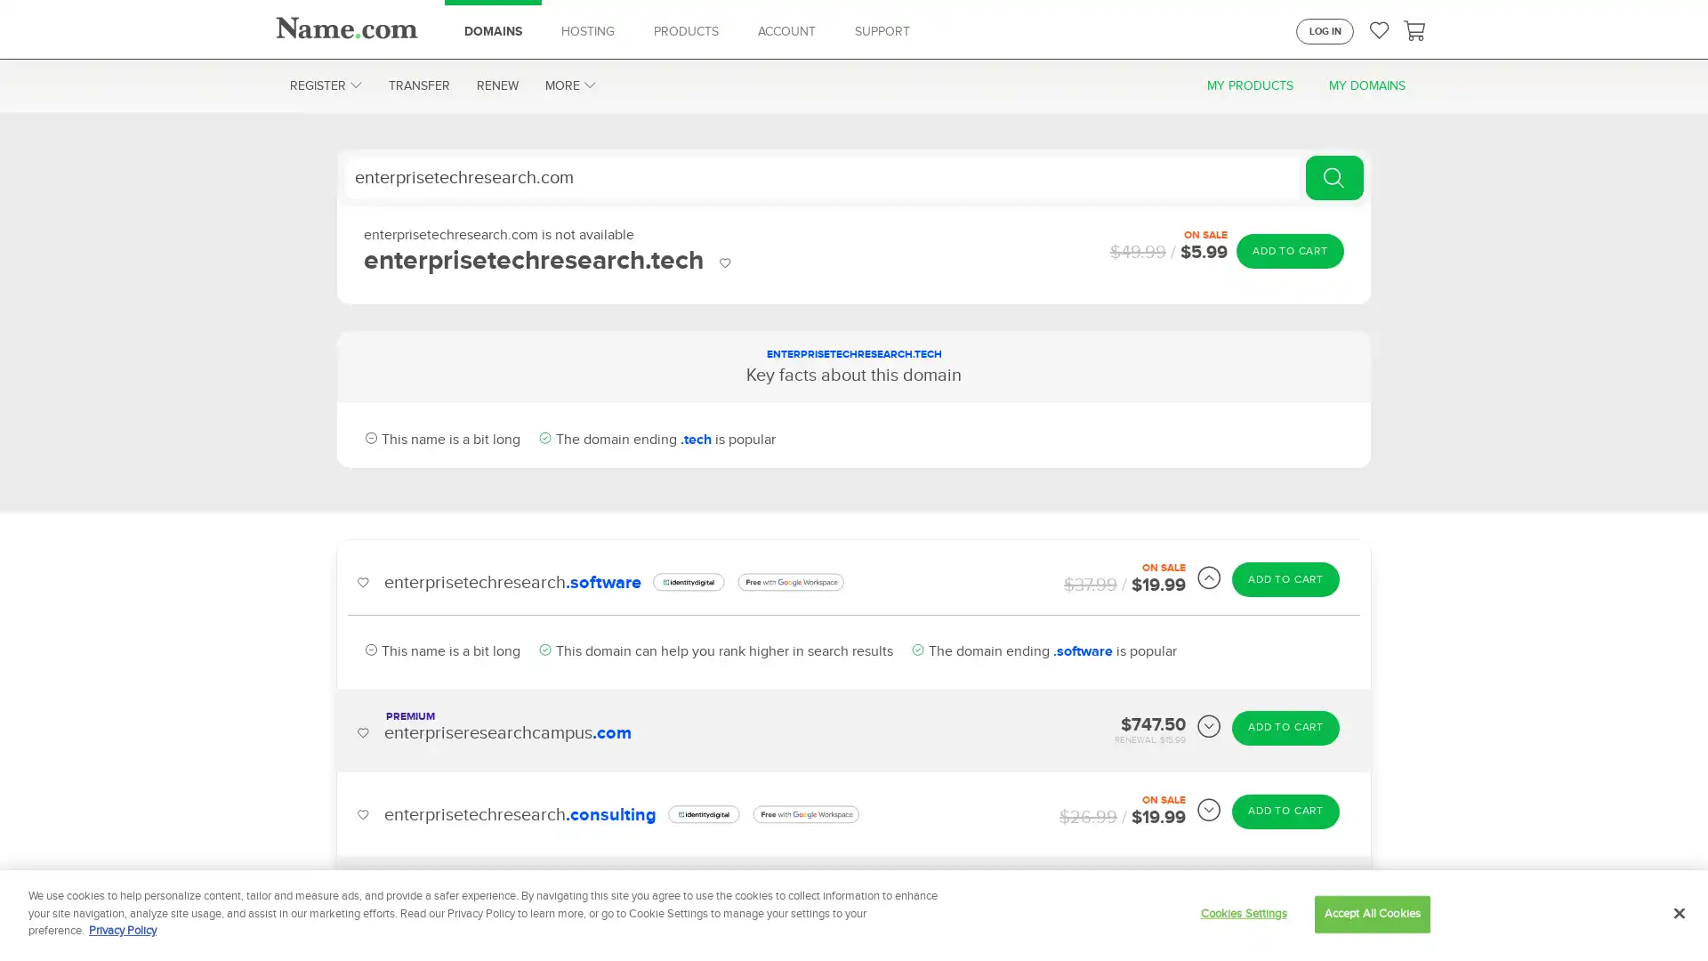 The width and height of the screenshot is (1708, 961). What do you see at coordinates (1285, 662) in the screenshot?
I see `ADD TO CART` at bounding box center [1285, 662].